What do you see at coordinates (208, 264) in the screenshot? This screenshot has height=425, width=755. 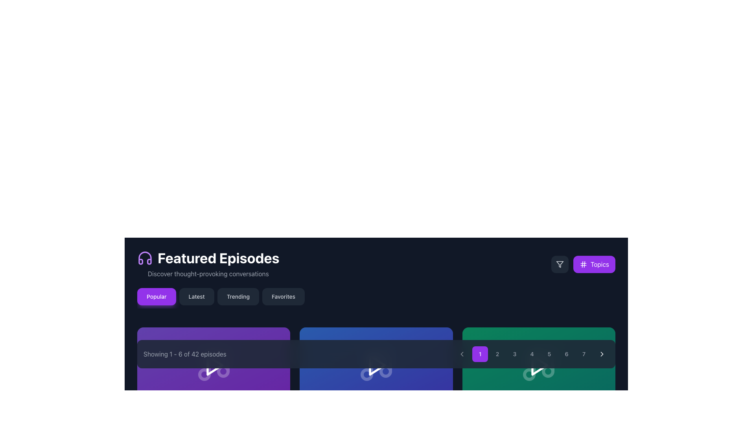 I see `the text header 'Featured Episodes' which is accompanied by a headphones icon` at bounding box center [208, 264].